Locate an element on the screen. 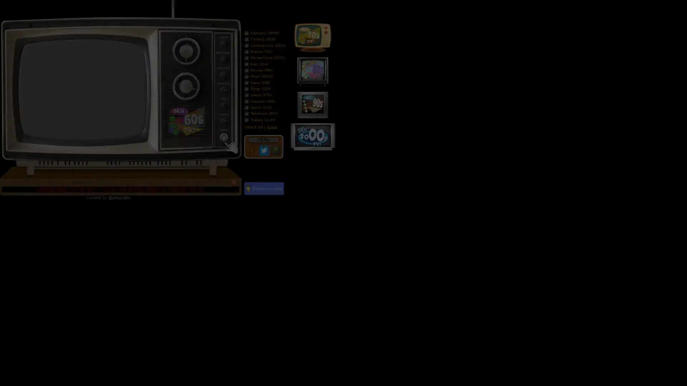  MENU is located at coordinates (263, 139).